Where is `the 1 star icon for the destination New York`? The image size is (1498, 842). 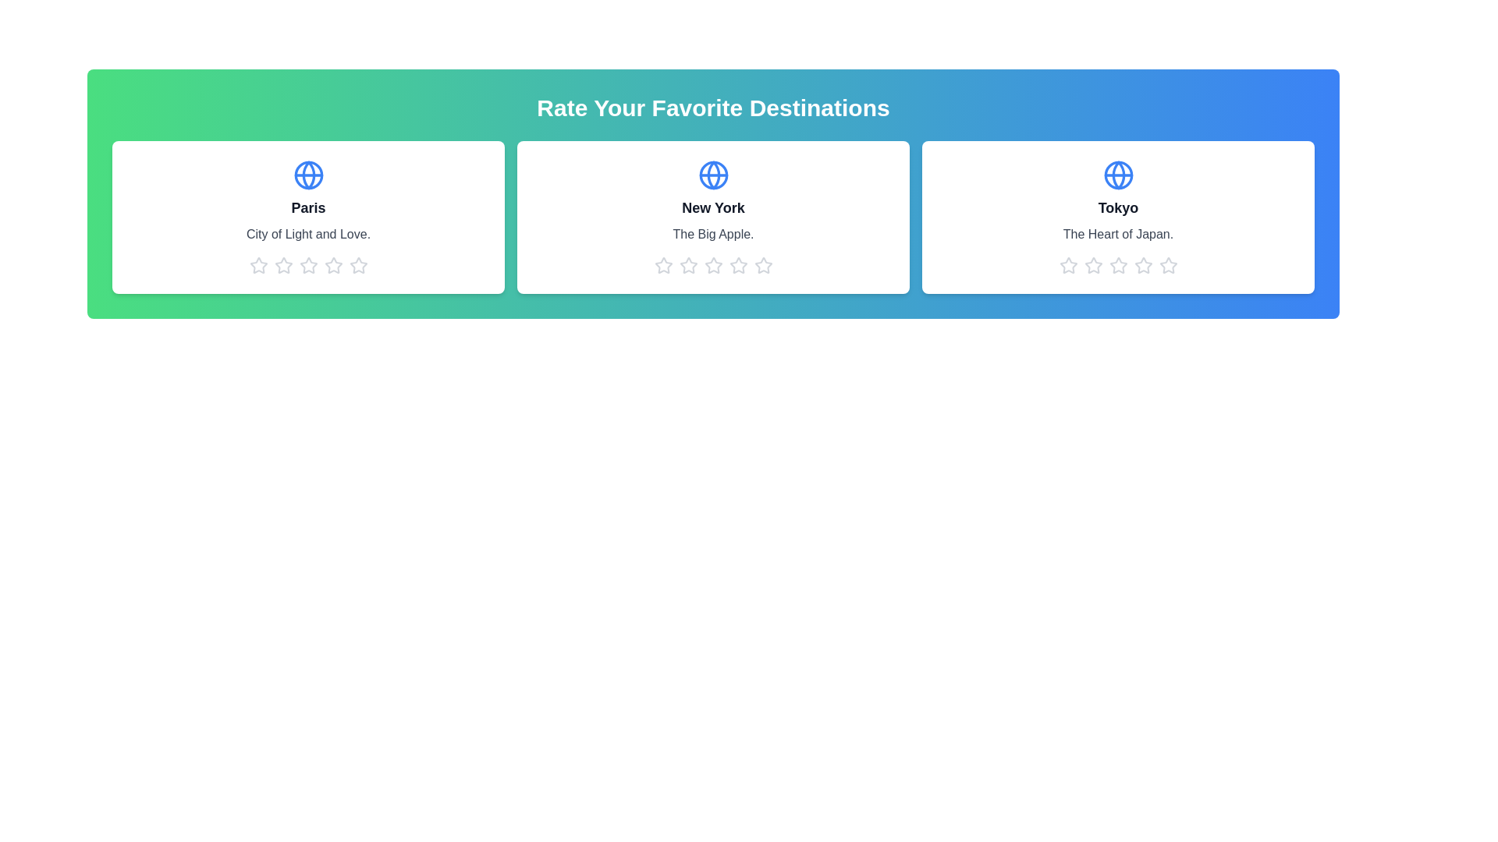
the 1 star icon for the destination New York is located at coordinates (663, 264).